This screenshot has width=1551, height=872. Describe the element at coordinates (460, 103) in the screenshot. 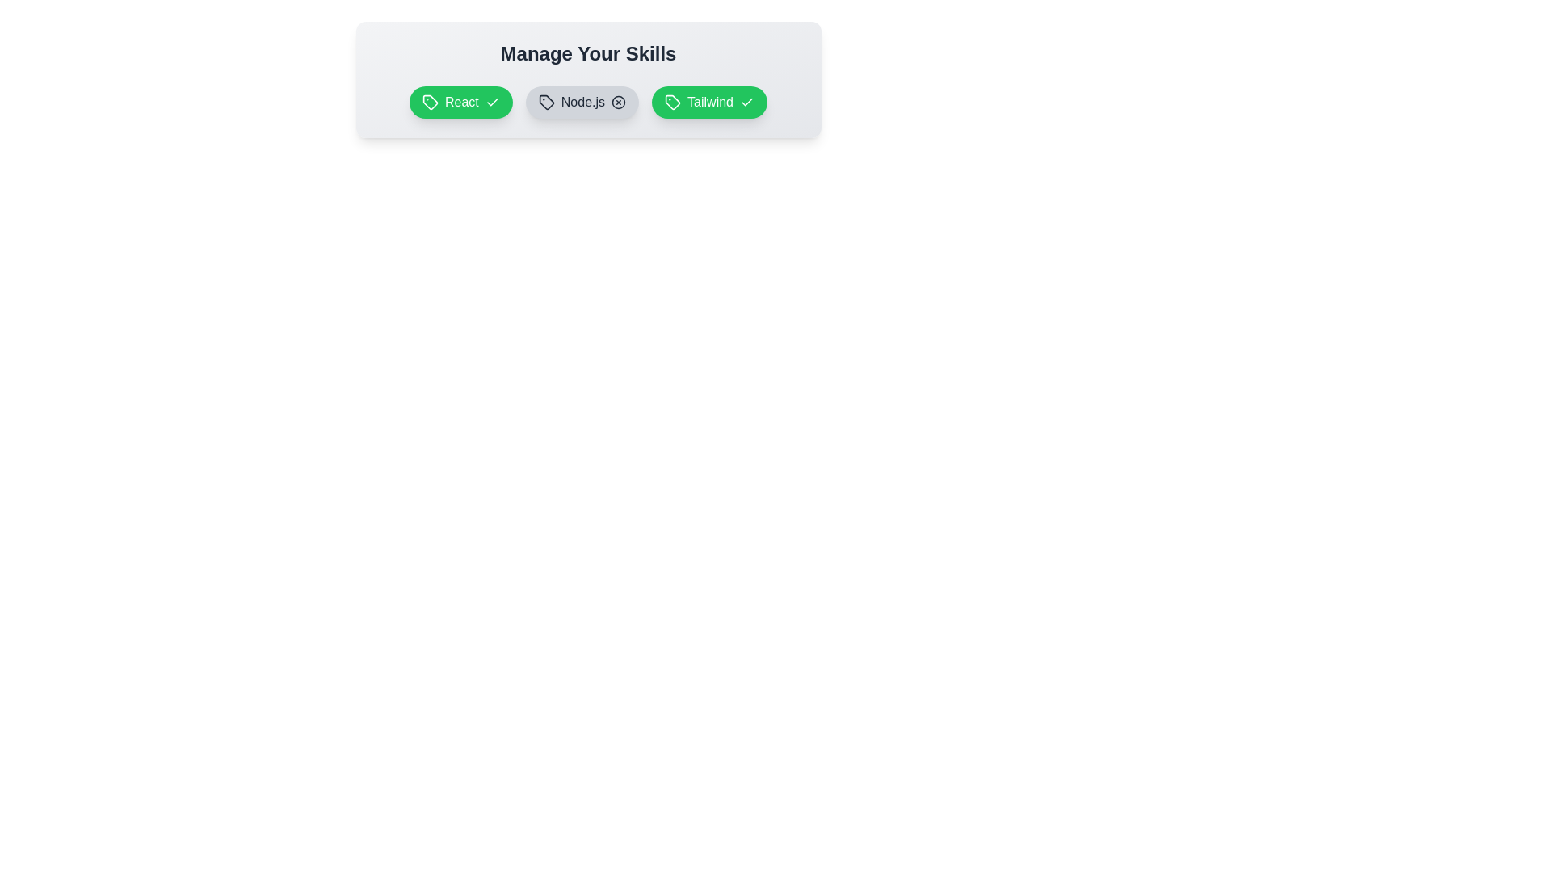

I see `the skill tag React to inspect its state` at that location.